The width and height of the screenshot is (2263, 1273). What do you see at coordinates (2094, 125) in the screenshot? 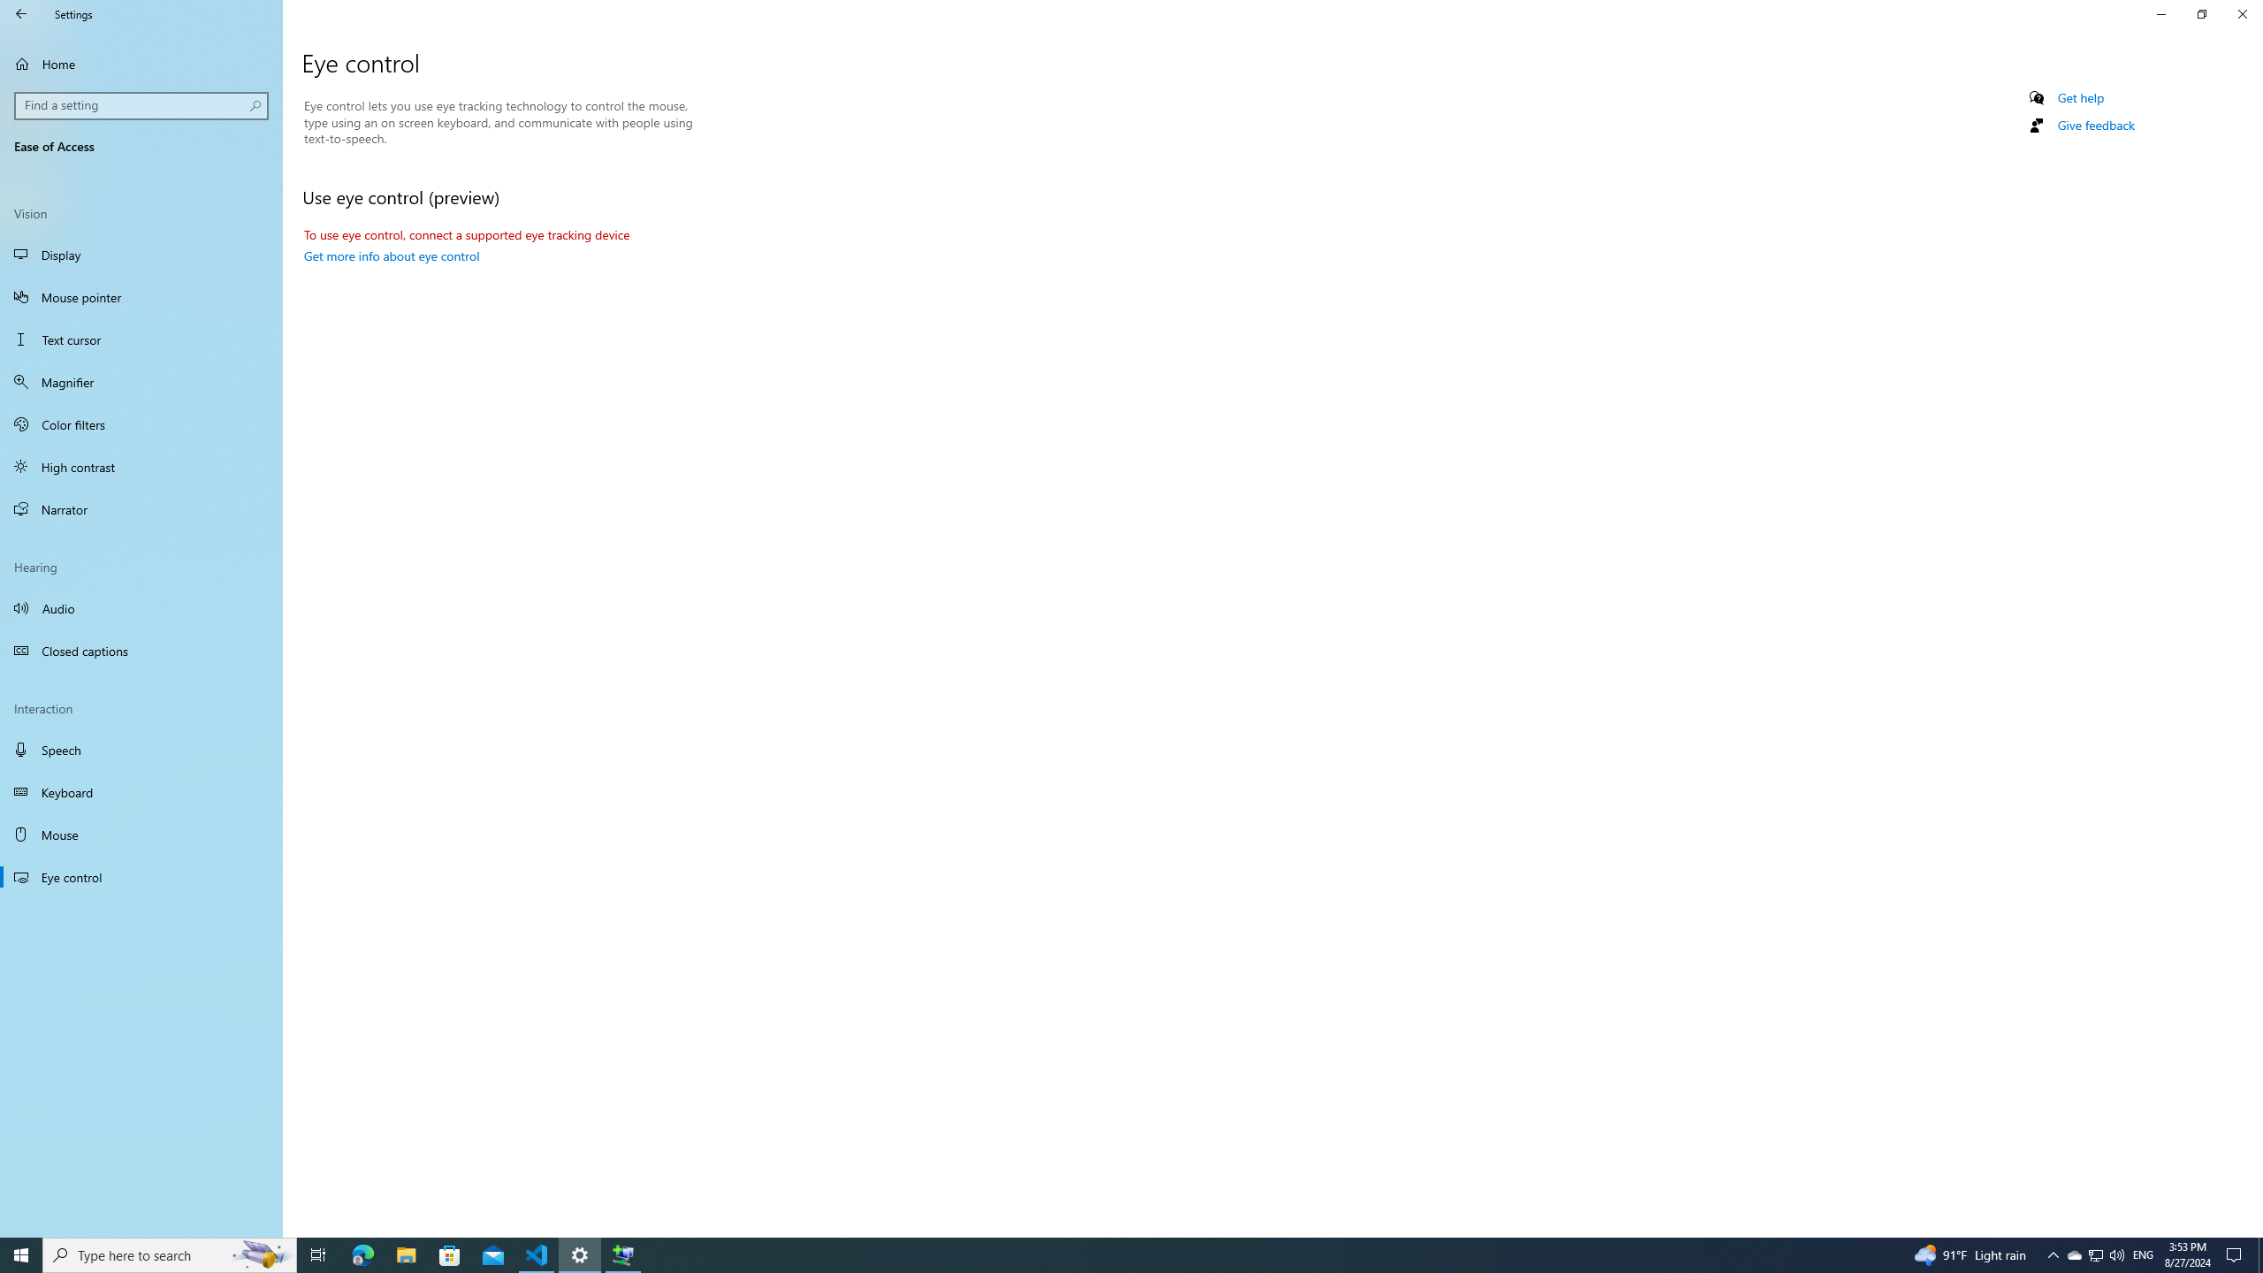
I see `'Give feedback'` at bounding box center [2094, 125].